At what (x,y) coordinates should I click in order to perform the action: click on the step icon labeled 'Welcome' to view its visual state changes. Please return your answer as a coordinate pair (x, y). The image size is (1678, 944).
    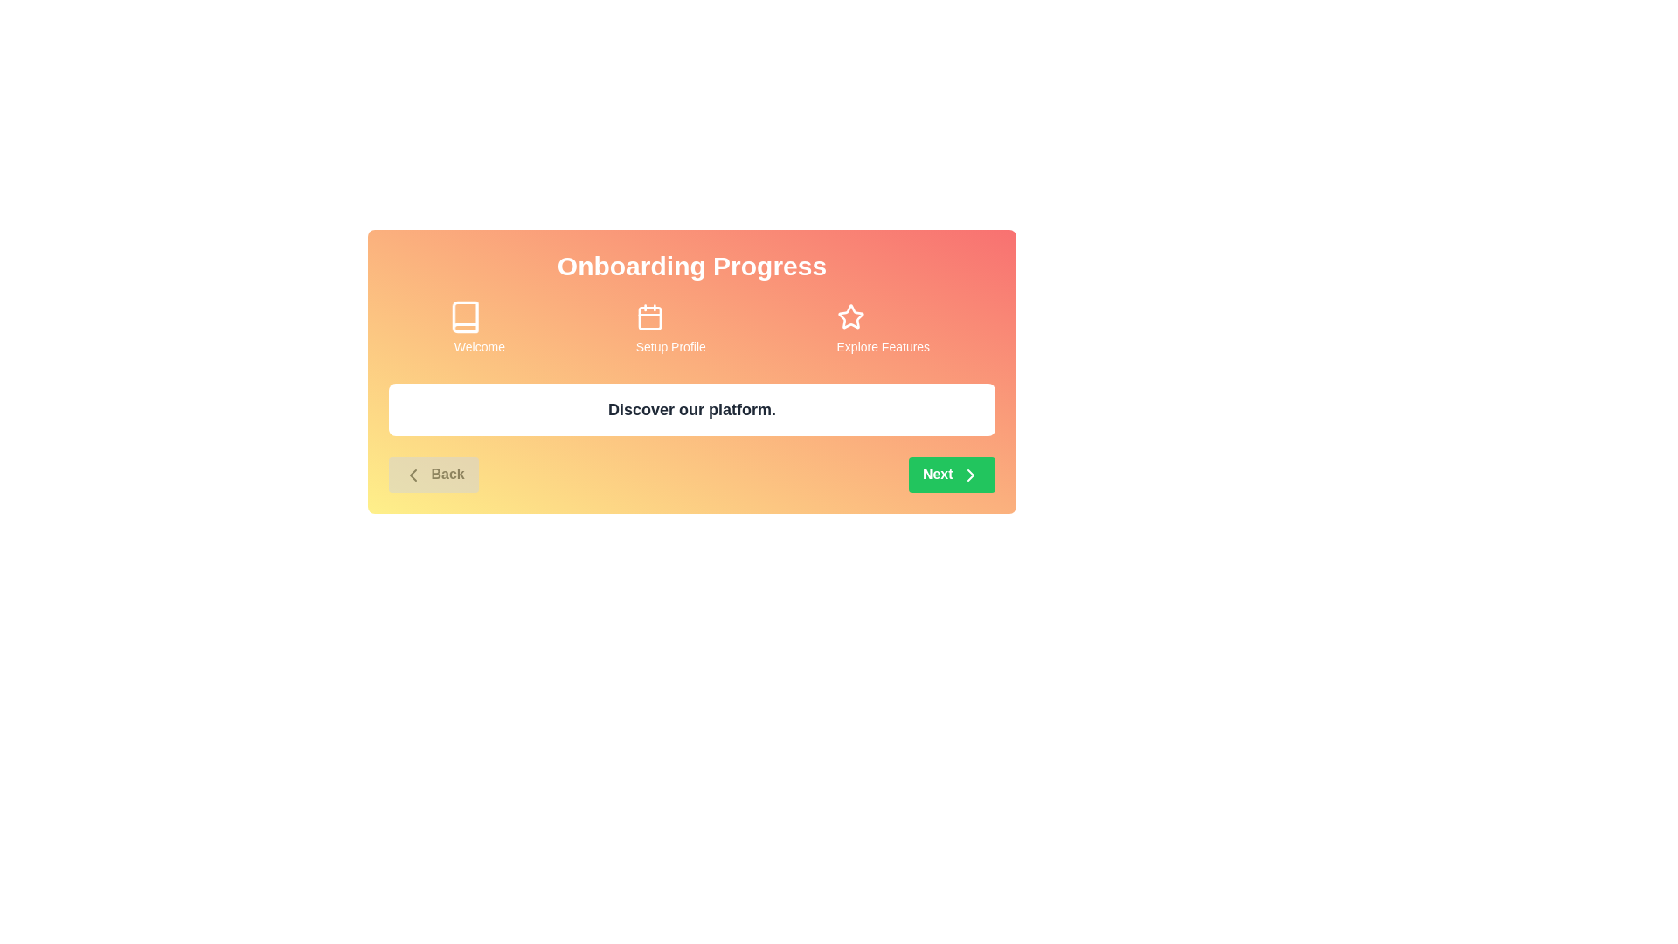
    Looking at the image, I should click on (479, 316).